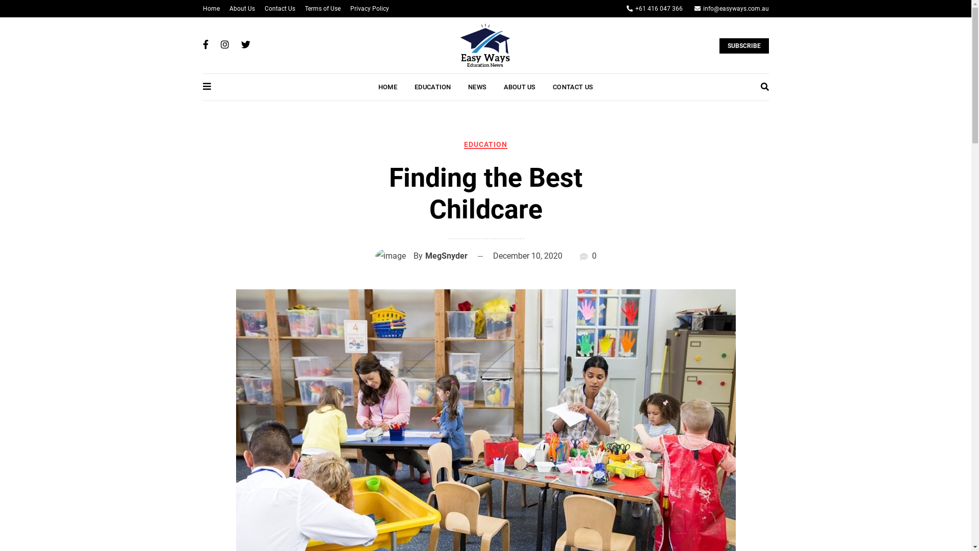 The height and width of the screenshot is (551, 979). Describe the element at coordinates (484, 44) in the screenshot. I see `'Logo'` at that location.